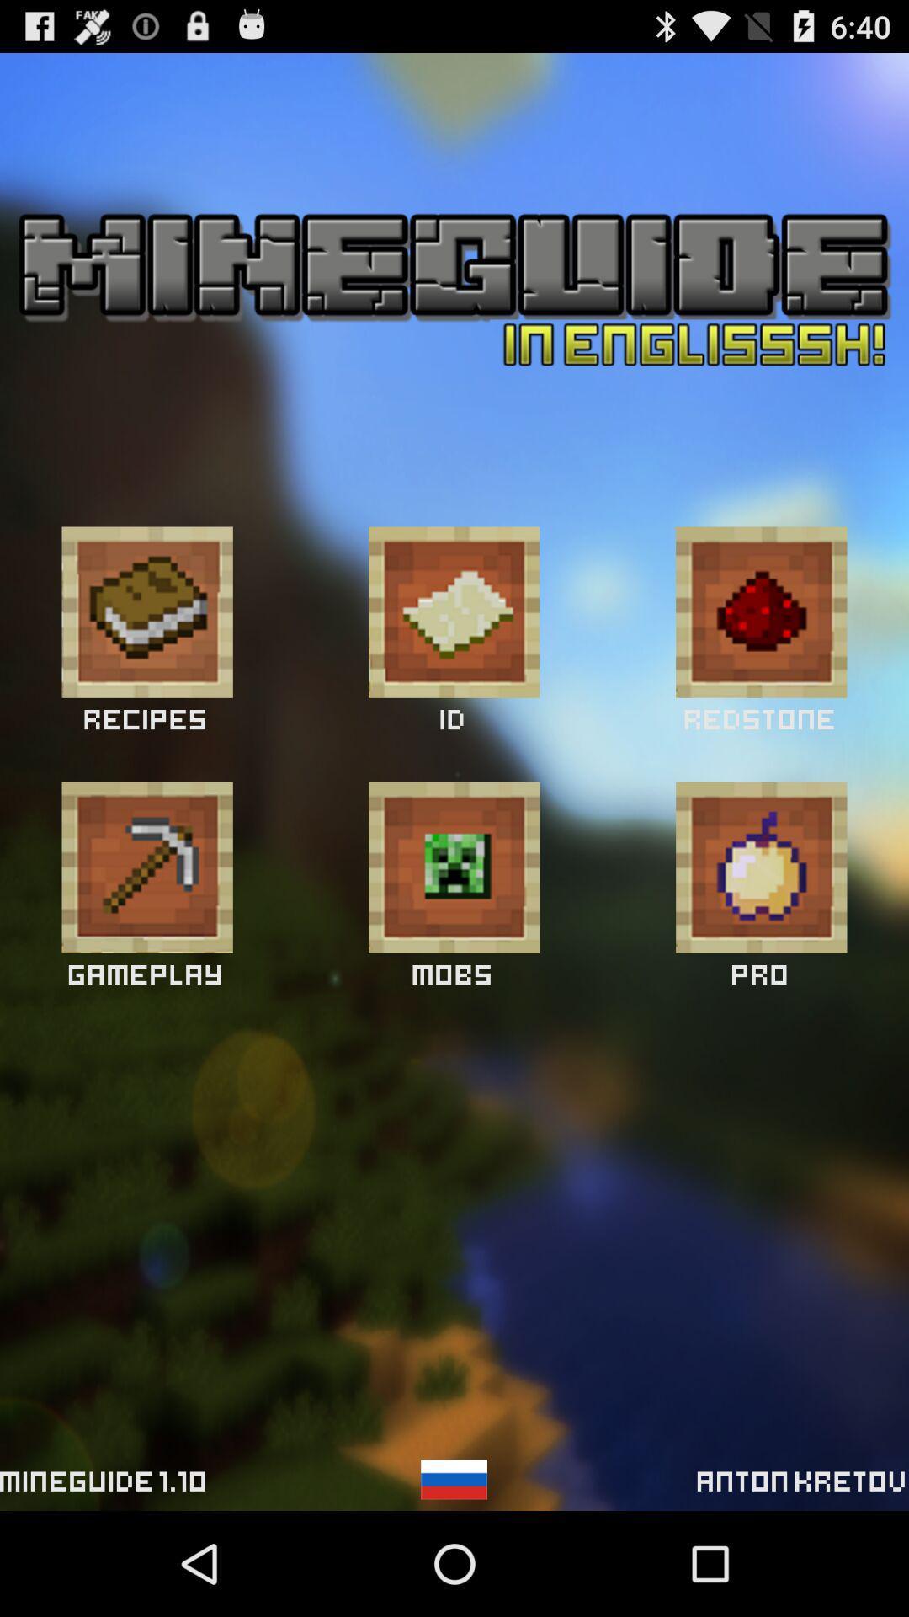 The height and width of the screenshot is (1617, 909). Describe the element at coordinates (146, 654) in the screenshot. I see `the book icon` at that location.